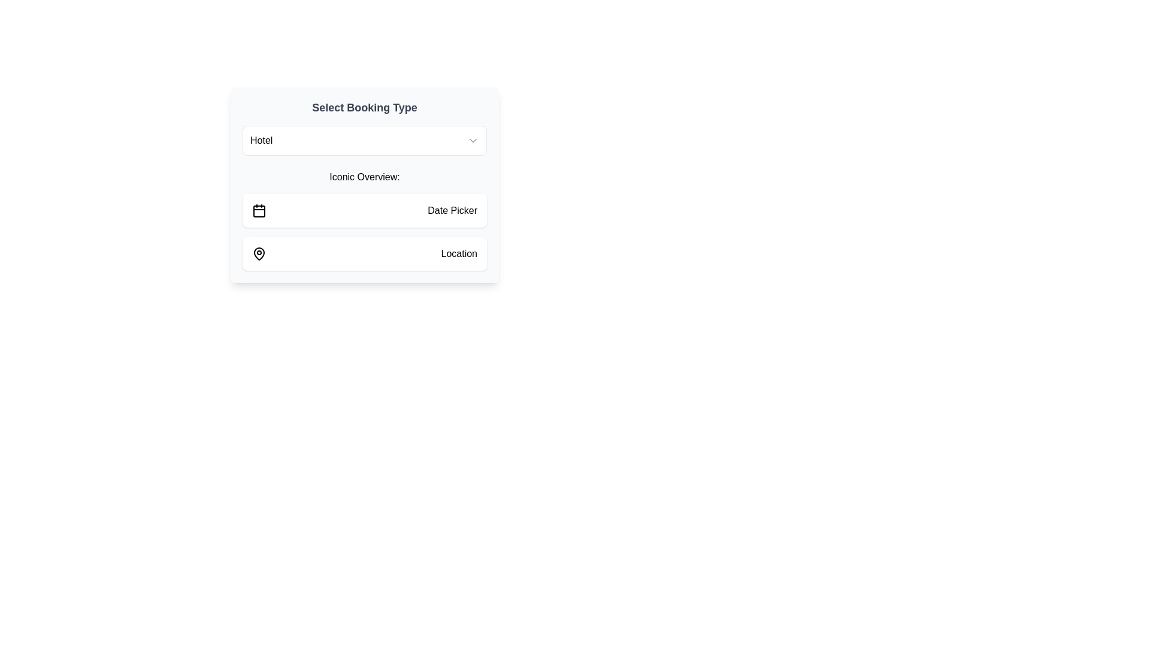  Describe the element at coordinates (258, 253) in the screenshot. I see `the map pin icon, which is a minimalistic circle with a pointed tip located in the 'Location' section of the panel` at that location.